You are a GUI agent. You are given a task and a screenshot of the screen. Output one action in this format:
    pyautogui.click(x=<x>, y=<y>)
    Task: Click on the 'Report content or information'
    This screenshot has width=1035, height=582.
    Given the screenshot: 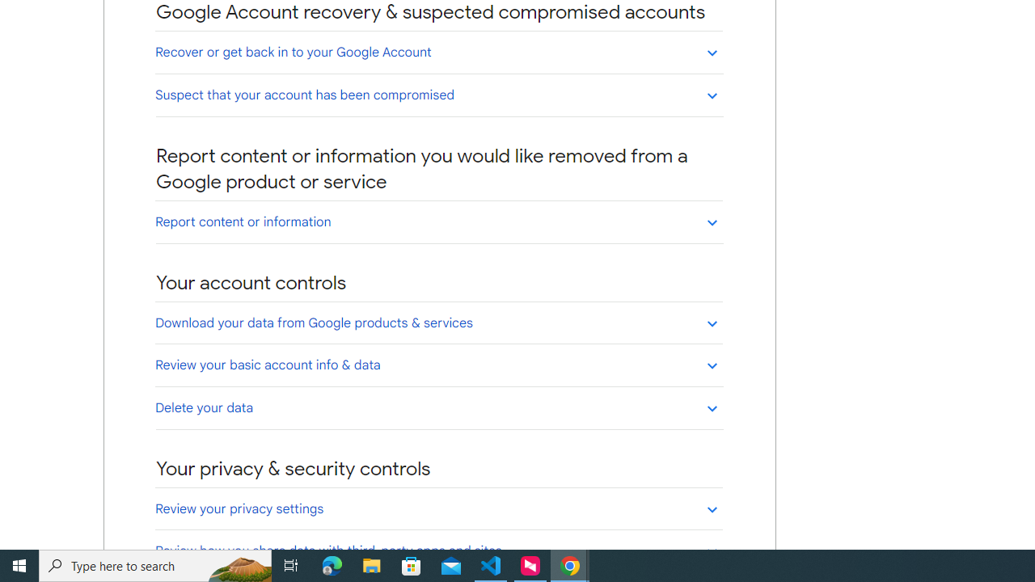 What is the action you would take?
    pyautogui.click(x=438, y=221)
    